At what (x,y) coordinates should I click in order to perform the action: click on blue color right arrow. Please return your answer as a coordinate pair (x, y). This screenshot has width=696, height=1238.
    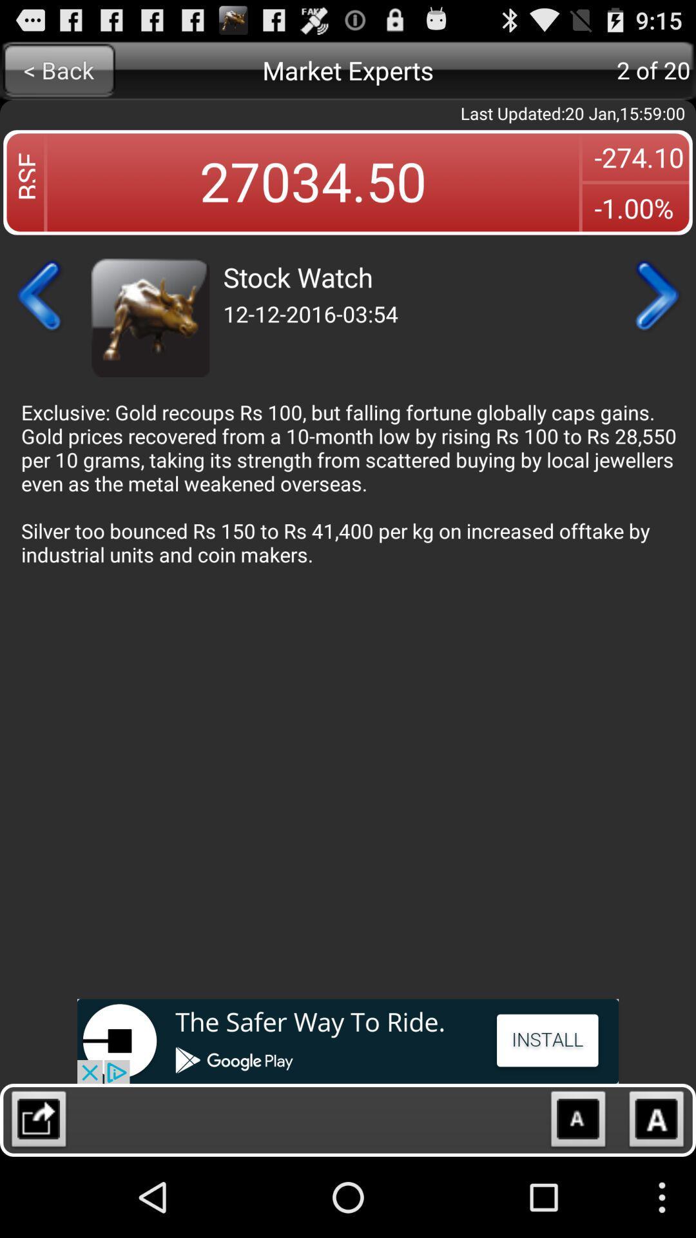
    Looking at the image, I should click on (655, 295).